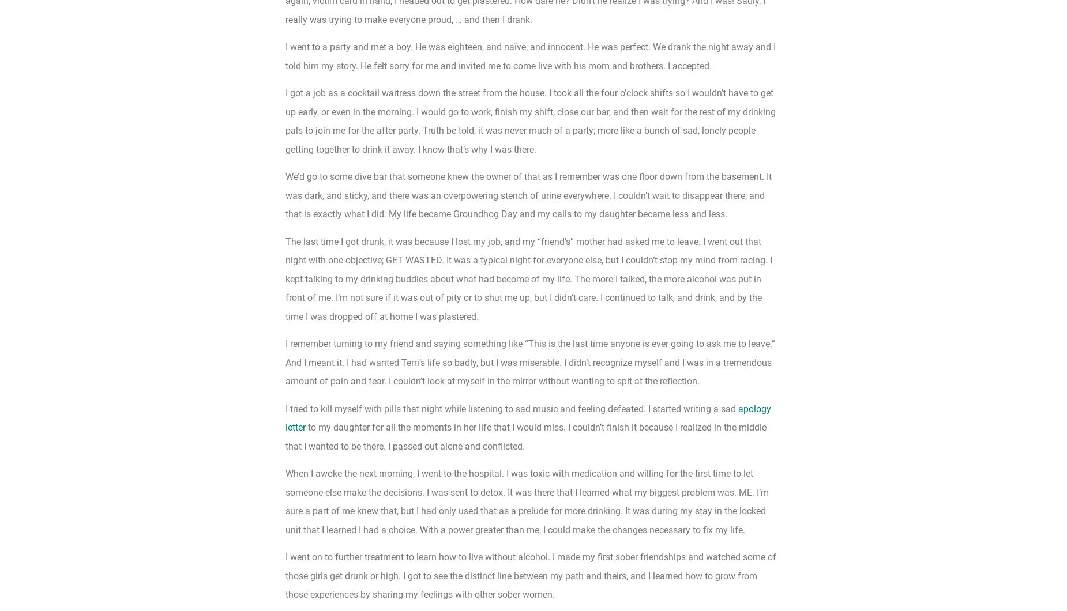 Image resolution: width=1067 pixels, height=611 pixels. Describe the element at coordinates (530, 363) in the screenshot. I see `'I remember turning to my friend and saying something like “This is the last time anyone is ever going to ask me to leave.” And I meant it. I had wanted Terri’s life so badly, but I was miserable. I didn’t recognize myself and I was in a tremendous amount of pain and fear. I couldn’t look at myself in the mirror without wanting to spit at the reflection.'` at that location.